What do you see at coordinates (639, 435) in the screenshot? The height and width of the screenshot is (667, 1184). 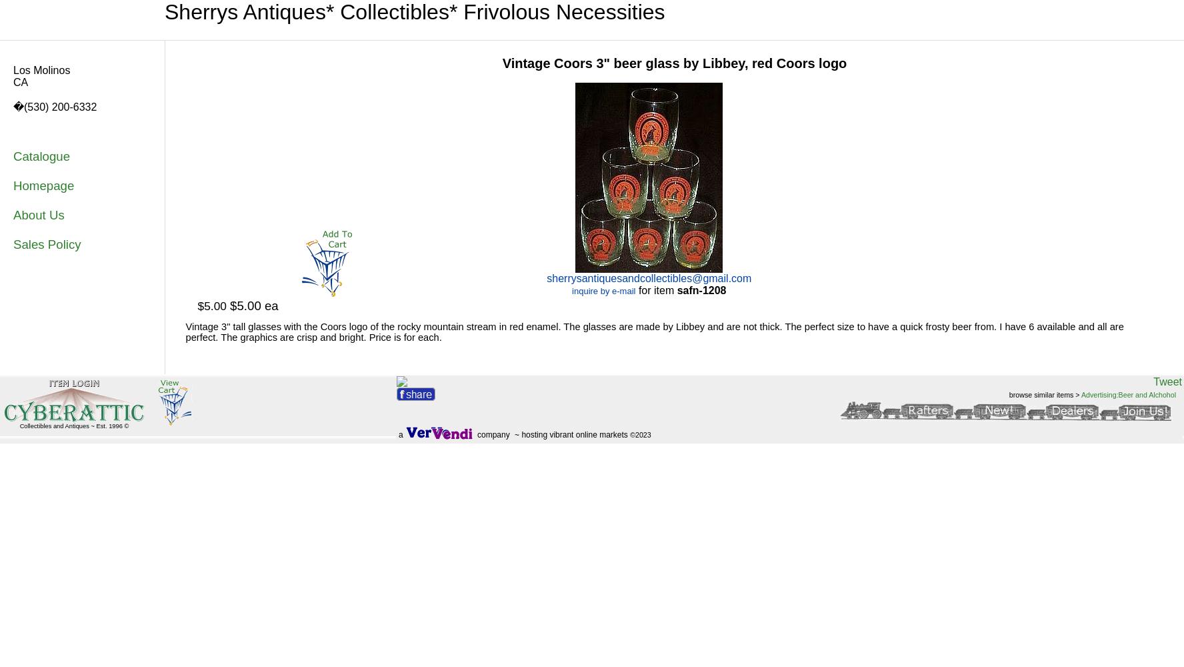 I see `'©2023'` at bounding box center [639, 435].